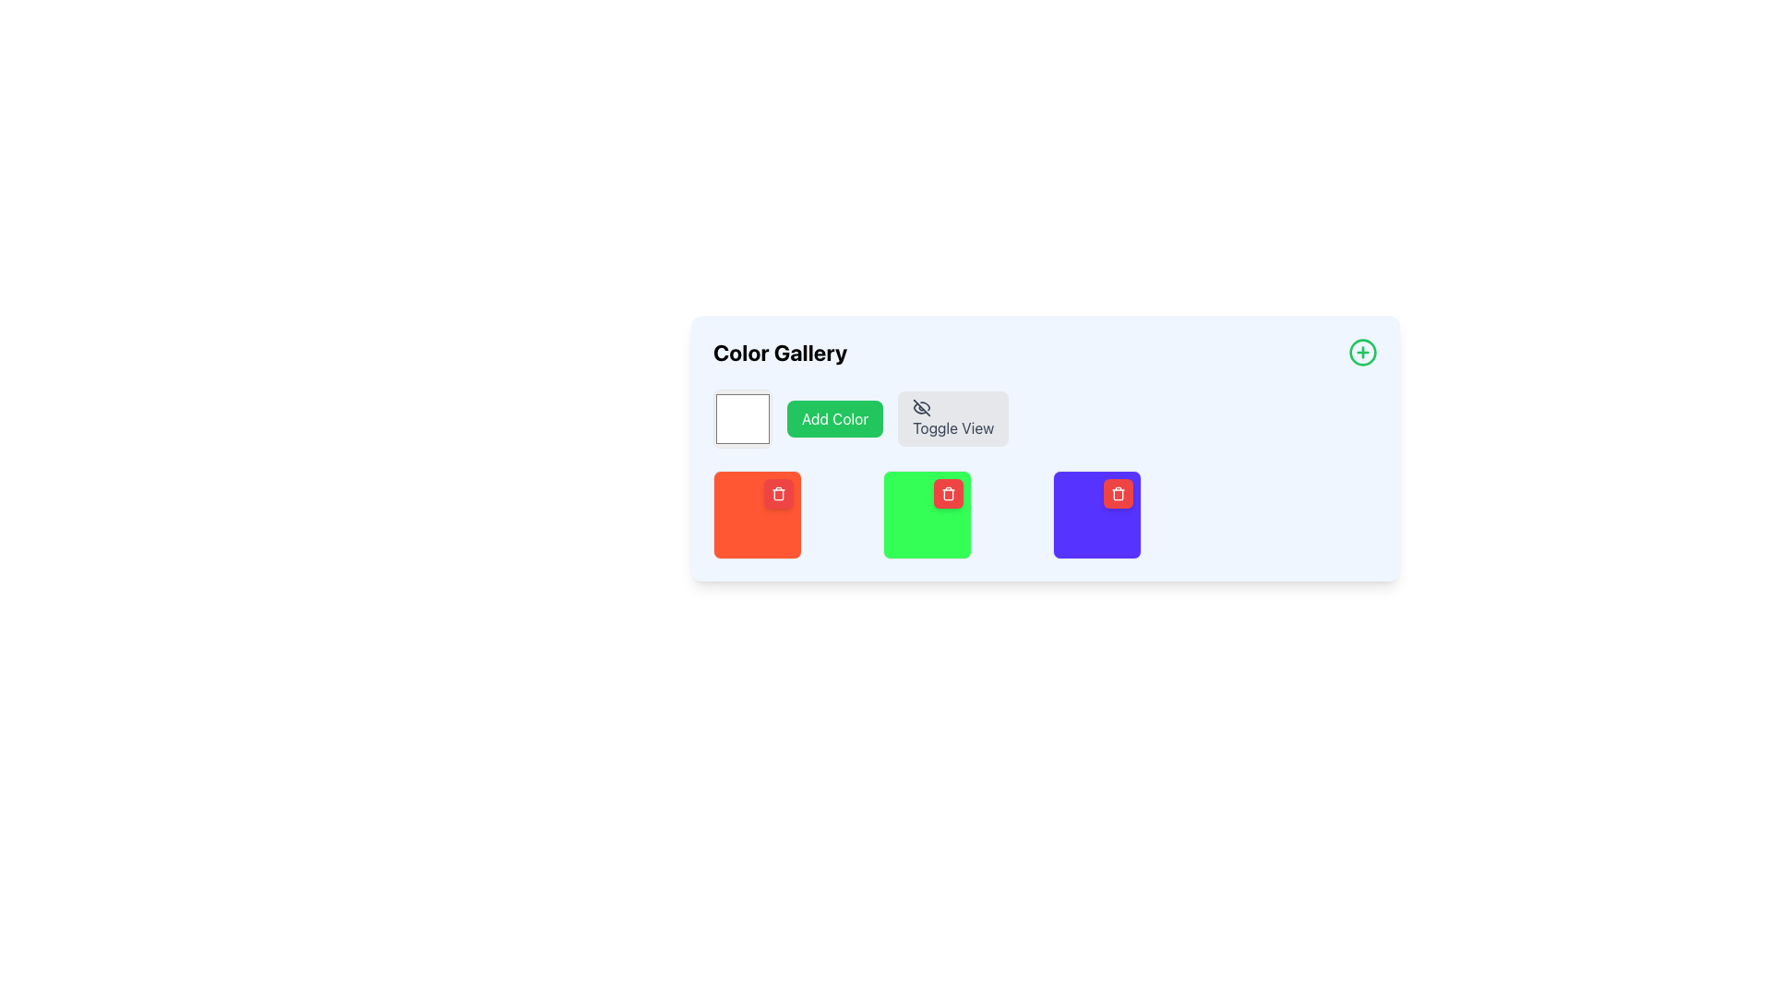  I want to click on the color selector element that allows users to select or preview a white color, located in the top-left corner of a group with 'Add Color' and 'Toggle View' buttons, so click(743, 419).